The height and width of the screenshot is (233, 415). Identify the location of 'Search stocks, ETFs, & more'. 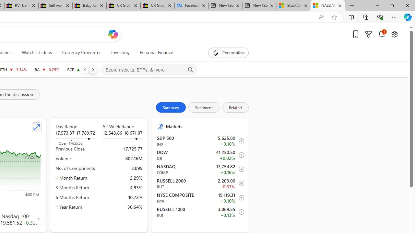
(149, 70).